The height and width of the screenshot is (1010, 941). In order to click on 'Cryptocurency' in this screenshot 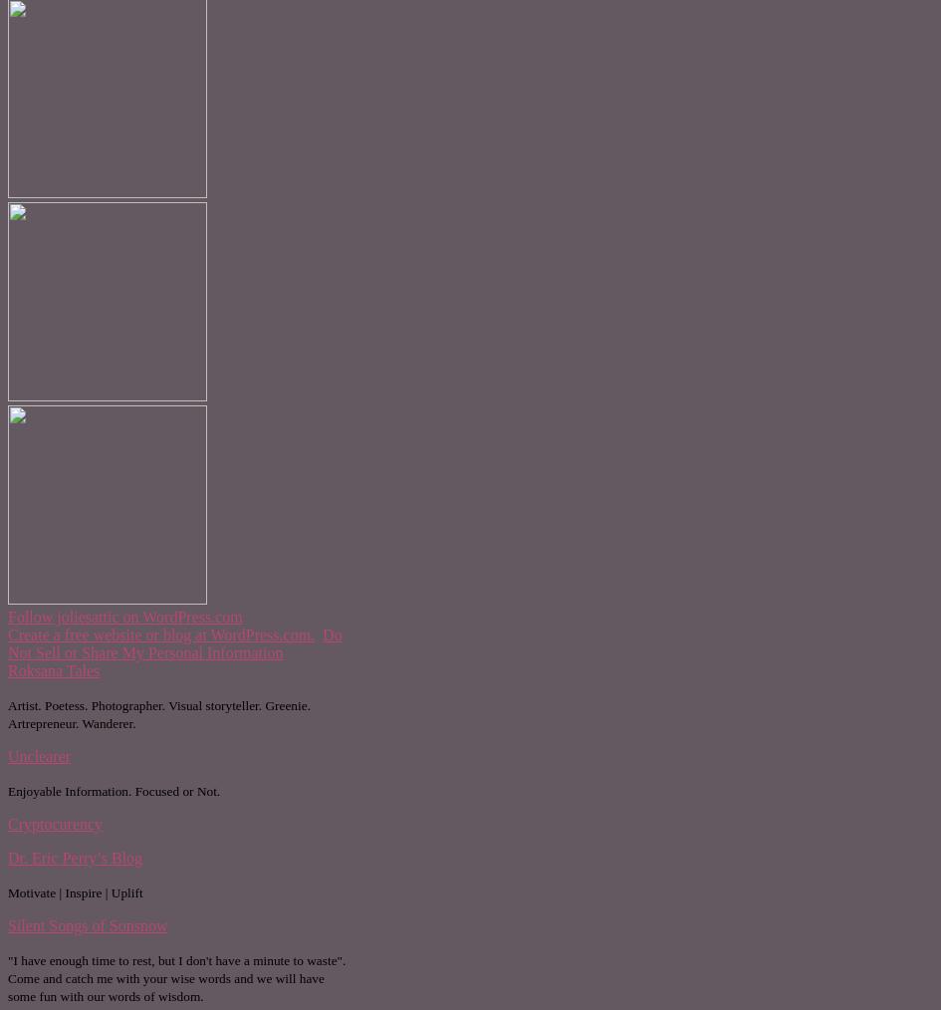, I will do `click(55, 823)`.